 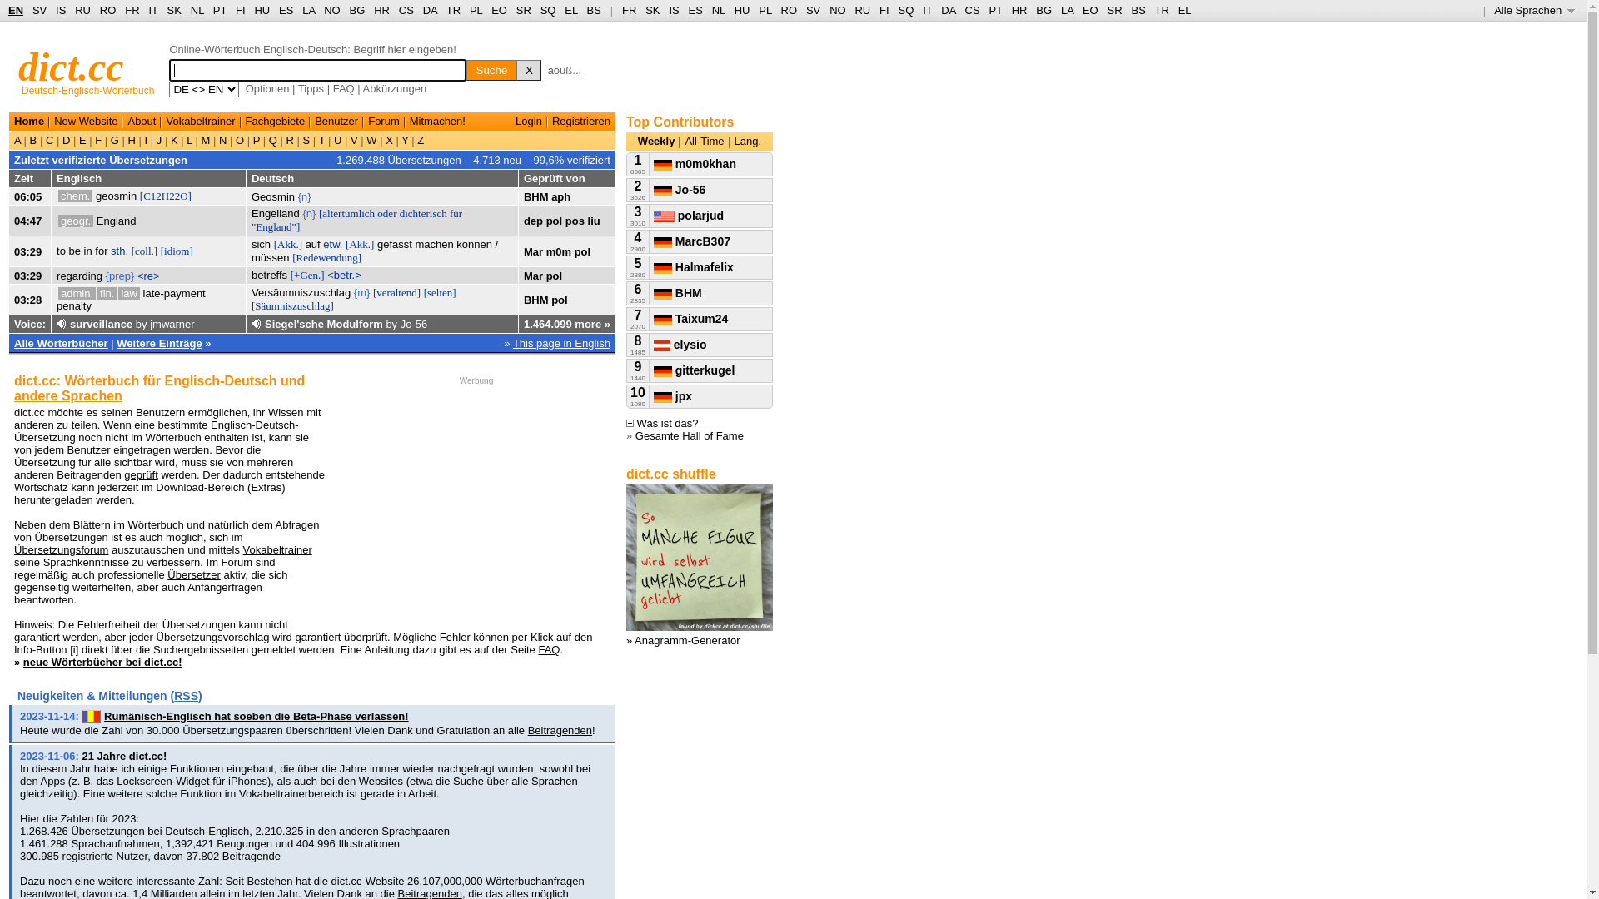 What do you see at coordinates (854, 10) in the screenshot?
I see `'RU'` at bounding box center [854, 10].